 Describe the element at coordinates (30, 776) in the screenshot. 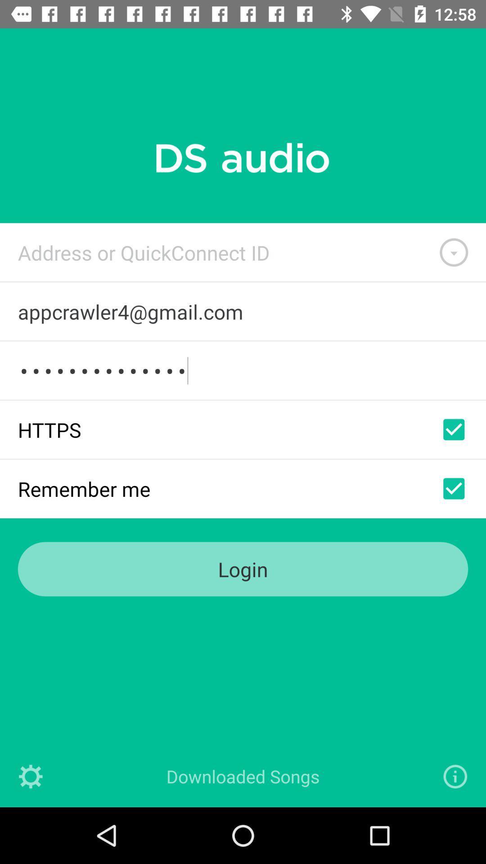

I see `open settings` at that location.